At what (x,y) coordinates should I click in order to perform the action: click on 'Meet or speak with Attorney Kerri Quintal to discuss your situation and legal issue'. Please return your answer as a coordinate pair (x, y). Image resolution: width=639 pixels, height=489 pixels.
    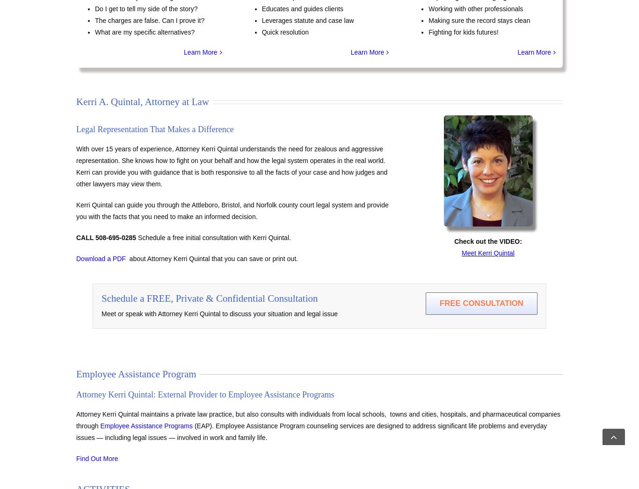
    Looking at the image, I should click on (219, 313).